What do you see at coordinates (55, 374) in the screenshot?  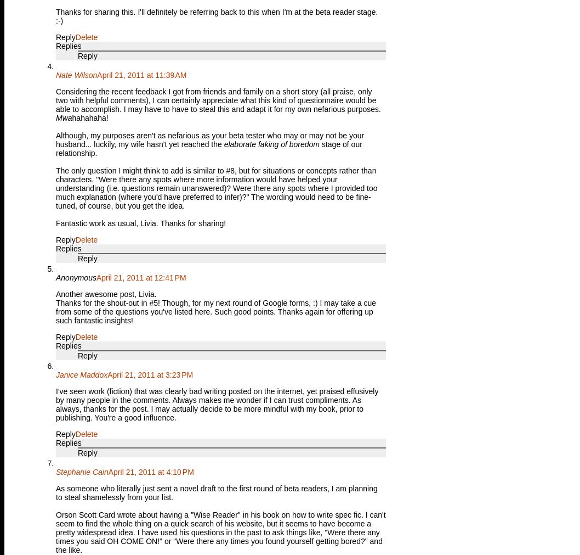 I see `'Janice Maddox'` at bounding box center [55, 374].